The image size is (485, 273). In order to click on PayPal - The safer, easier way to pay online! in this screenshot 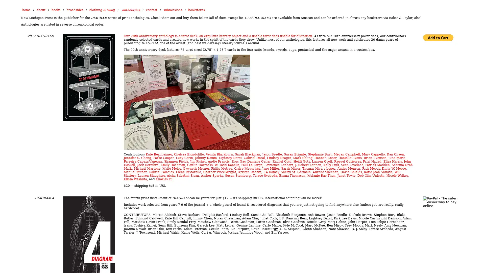, I will do `click(441, 202)`.